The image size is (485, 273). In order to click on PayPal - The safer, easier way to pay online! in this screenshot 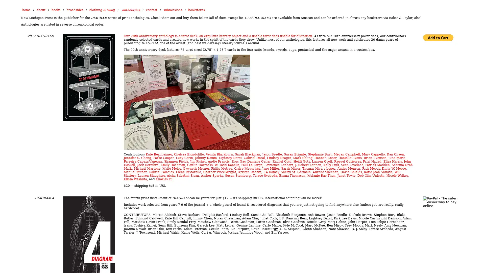, I will do `click(441, 202)`.